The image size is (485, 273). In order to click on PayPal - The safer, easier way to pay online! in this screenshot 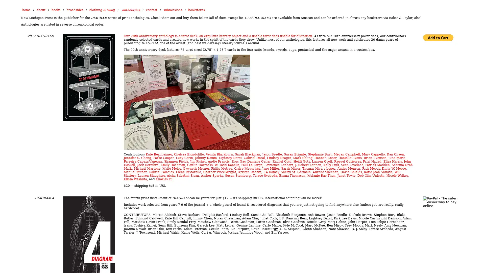, I will do `click(441, 202)`.